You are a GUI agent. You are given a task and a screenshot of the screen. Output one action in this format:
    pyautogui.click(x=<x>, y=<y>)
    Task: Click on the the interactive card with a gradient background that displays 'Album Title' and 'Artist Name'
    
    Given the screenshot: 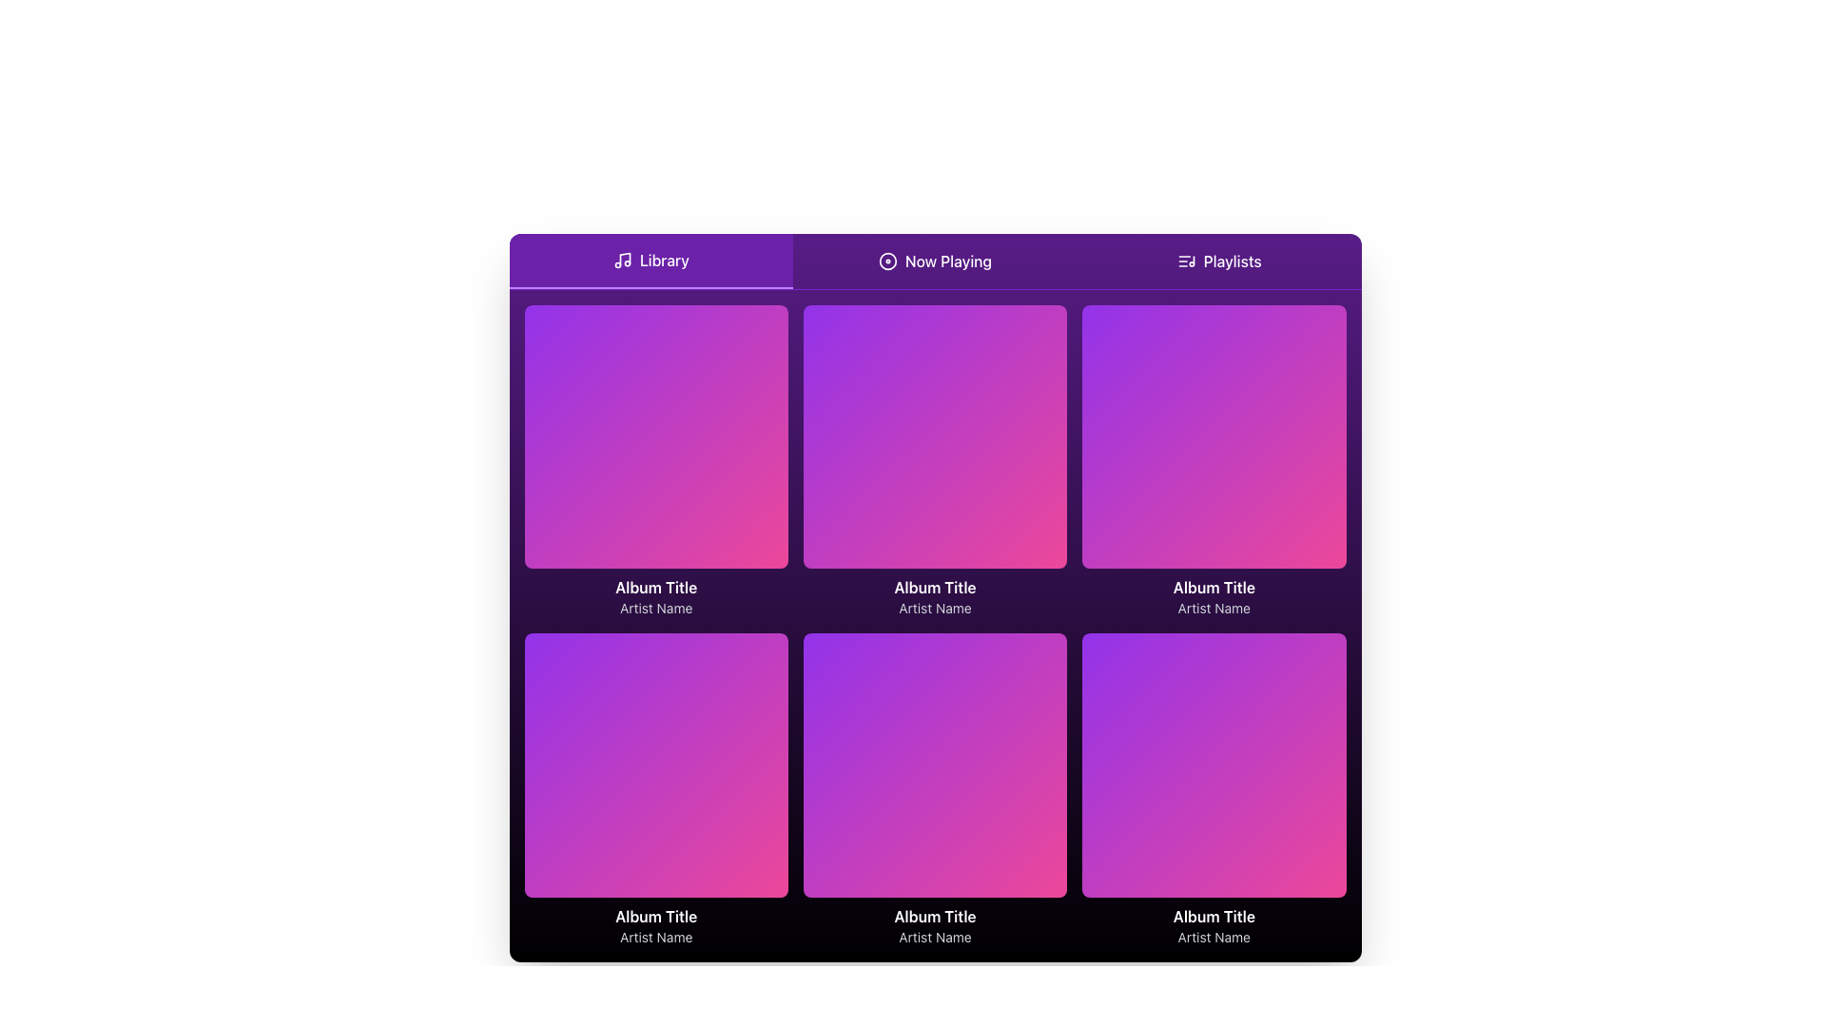 What is the action you would take?
    pyautogui.click(x=1213, y=790)
    